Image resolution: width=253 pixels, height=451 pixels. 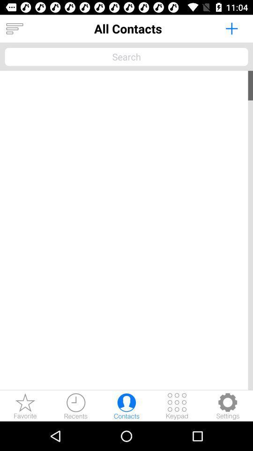 What do you see at coordinates (227, 405) in the screenshot?
I see `the settings icon` at bounding box center [227, 405].